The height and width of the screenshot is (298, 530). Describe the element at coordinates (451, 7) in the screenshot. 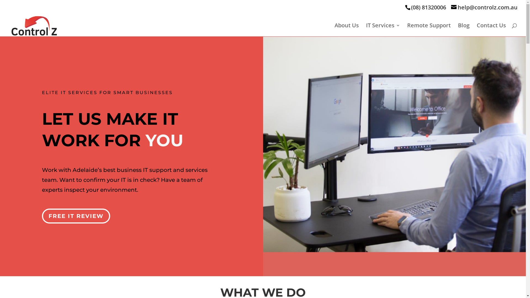

I see `'help@controlz.com.au'` at that location.